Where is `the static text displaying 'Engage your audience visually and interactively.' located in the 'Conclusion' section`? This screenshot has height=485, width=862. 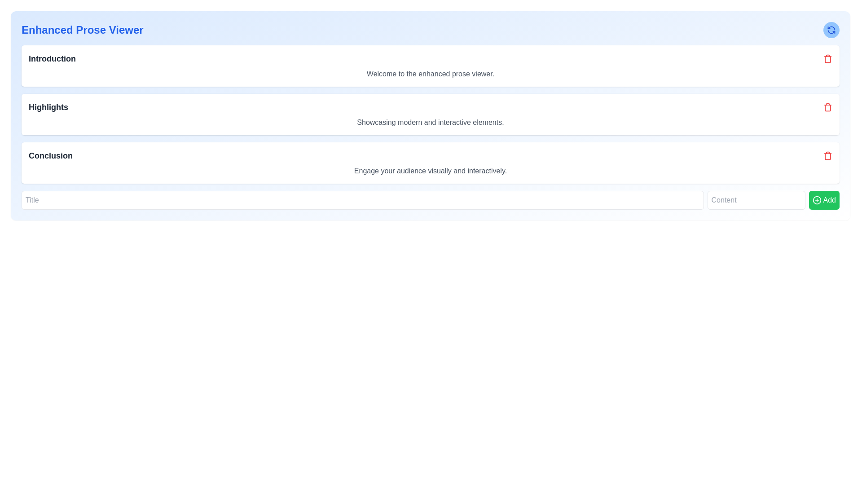
the static text displaying 'Engage your audience visually and interactively.' located in the 'Conclusion' section is located at coordinates (430, 171).